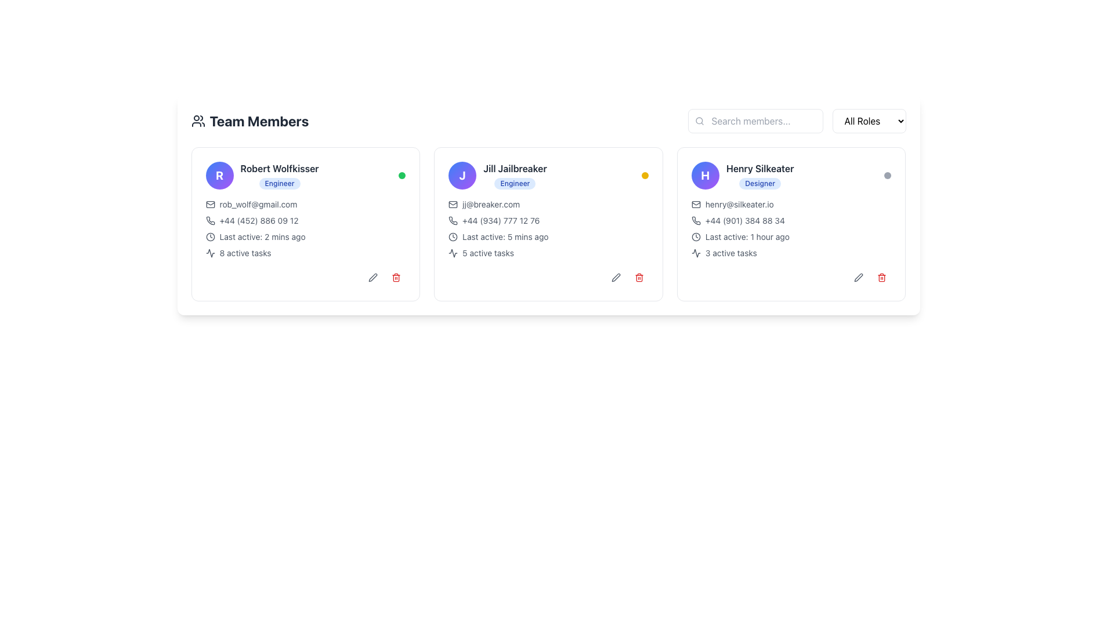  Describe the element at coordinates (515, 176) in the screenshot. I see `displayed text of the profile summary header located in the middle column, positioned below the circular icon with the letter 'J'` at that location.